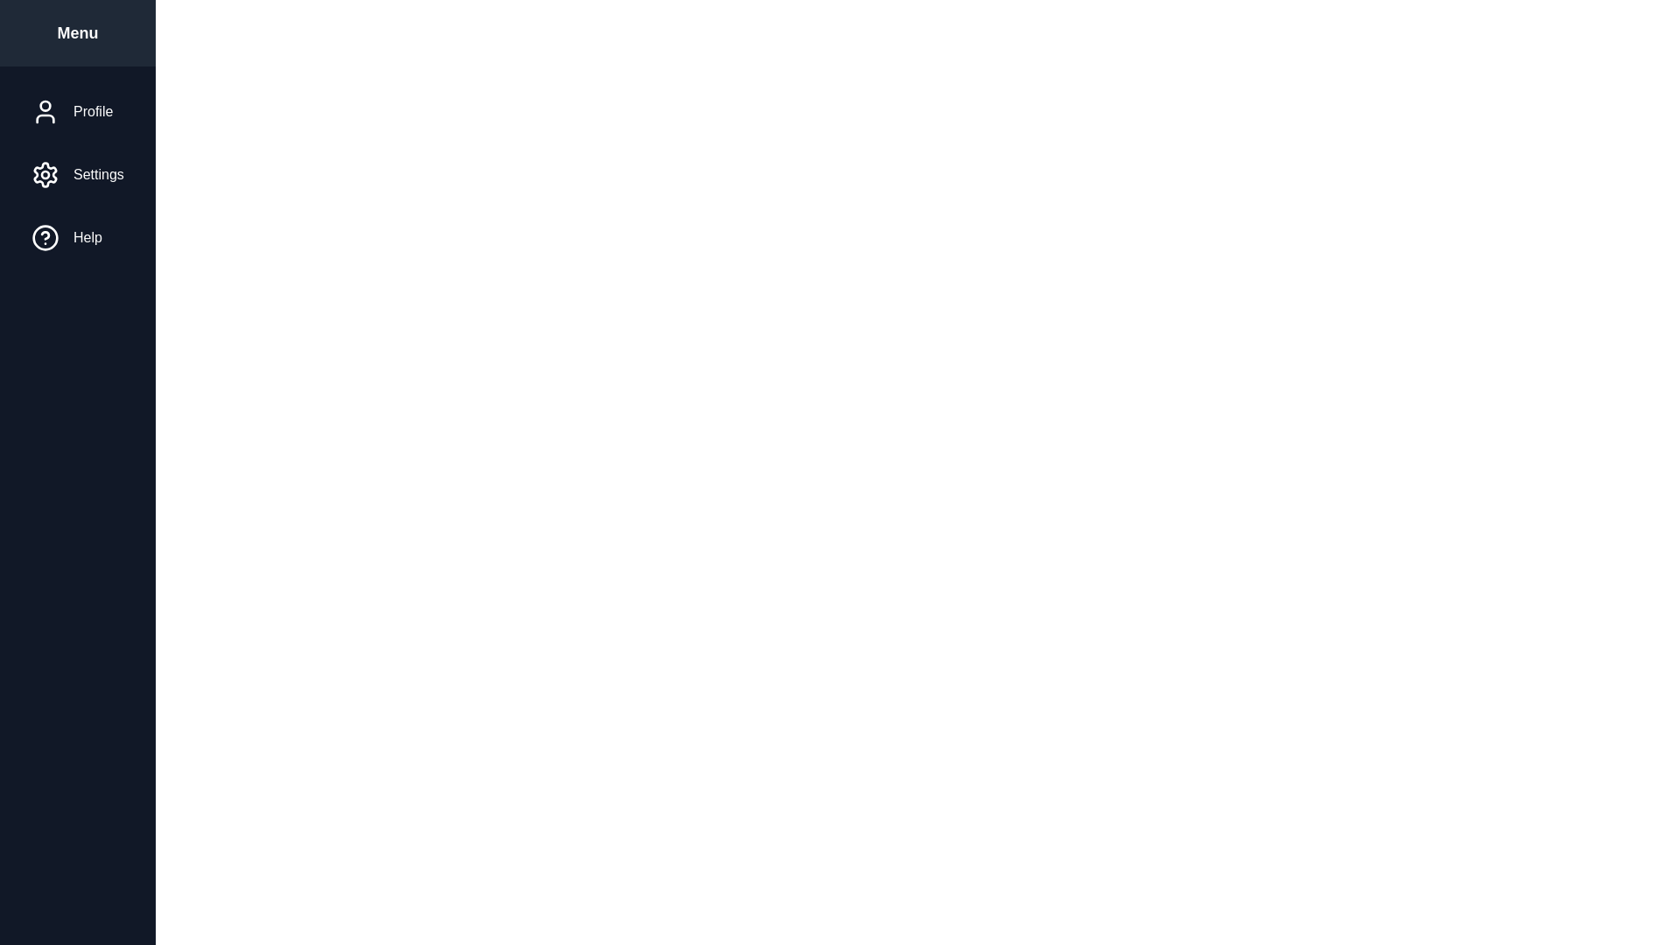 This screenshot has height=945, width=1680. Describe the element at coordinates (31, 31) in the screenshot. I see `the button at the top-left corner to toggle the sidebar visibility` at that location.